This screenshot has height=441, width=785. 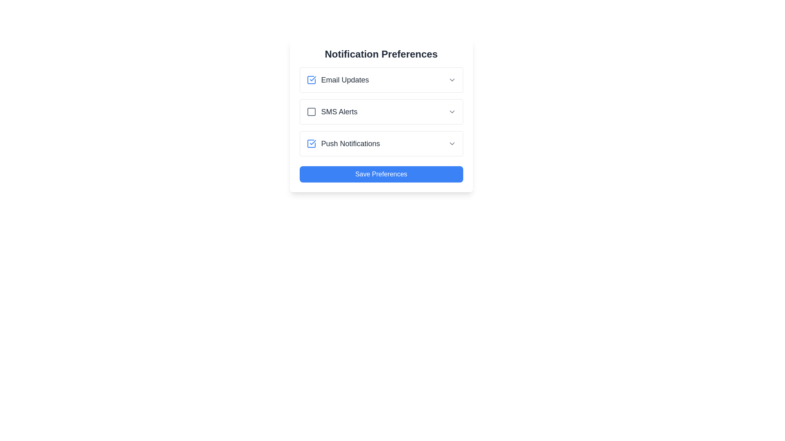 What do you see at coordinates (343, 143) in the screenshot?
I see `the 'Push Notifications' checkbox in the Notification Preferences interface` at bounding box center [343, 143].